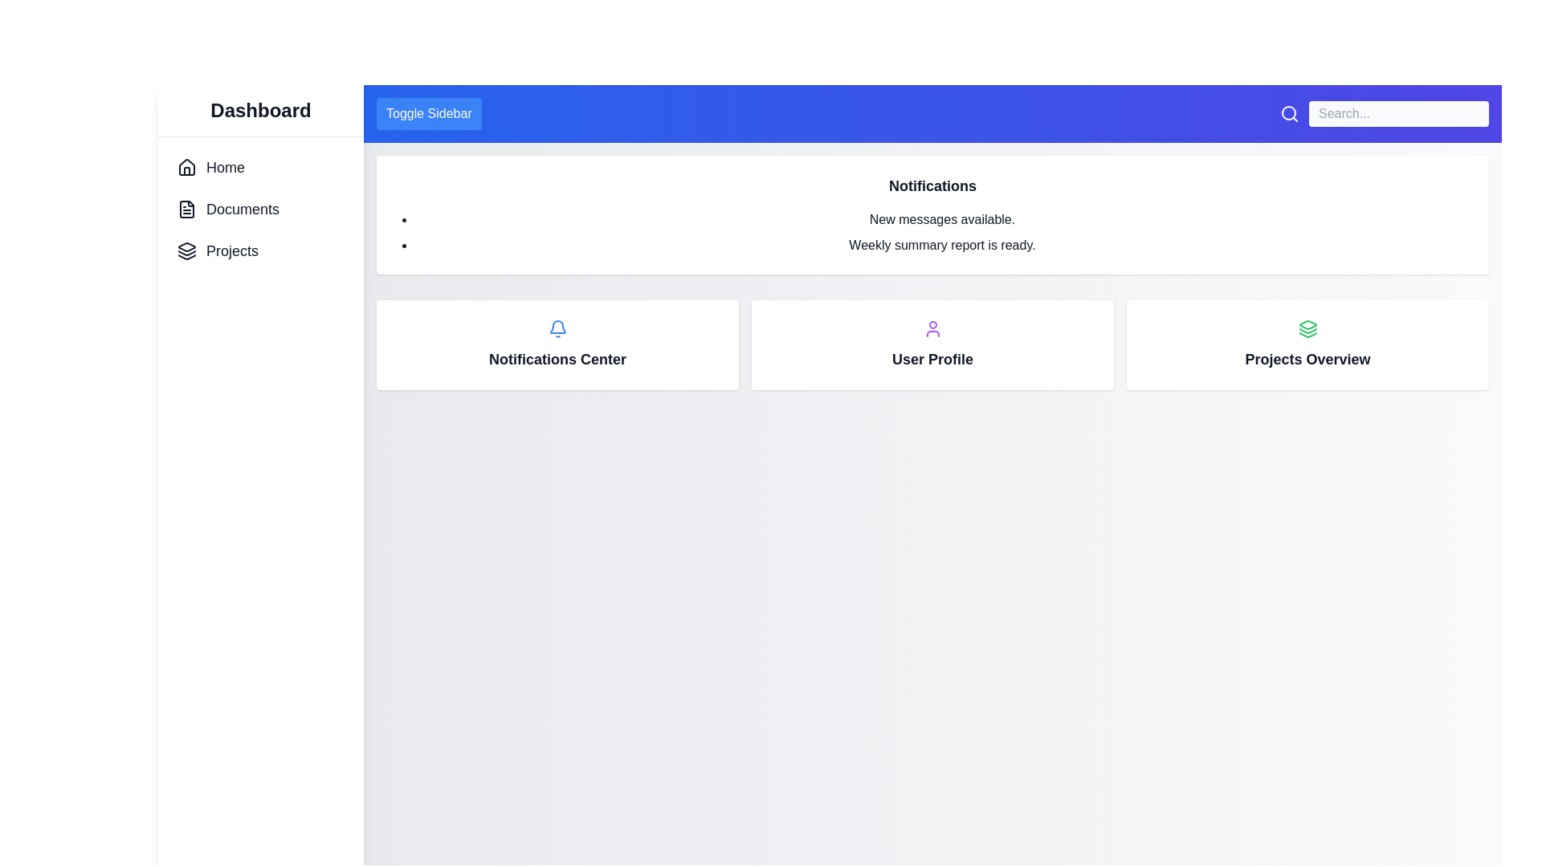 The height and width of the screenshot is (867, 1542). What do you see at coordinates (227, 209) in the screenshot?
I see `the 'Documents' button in the left sidebar` at bounding box center [227, 209].